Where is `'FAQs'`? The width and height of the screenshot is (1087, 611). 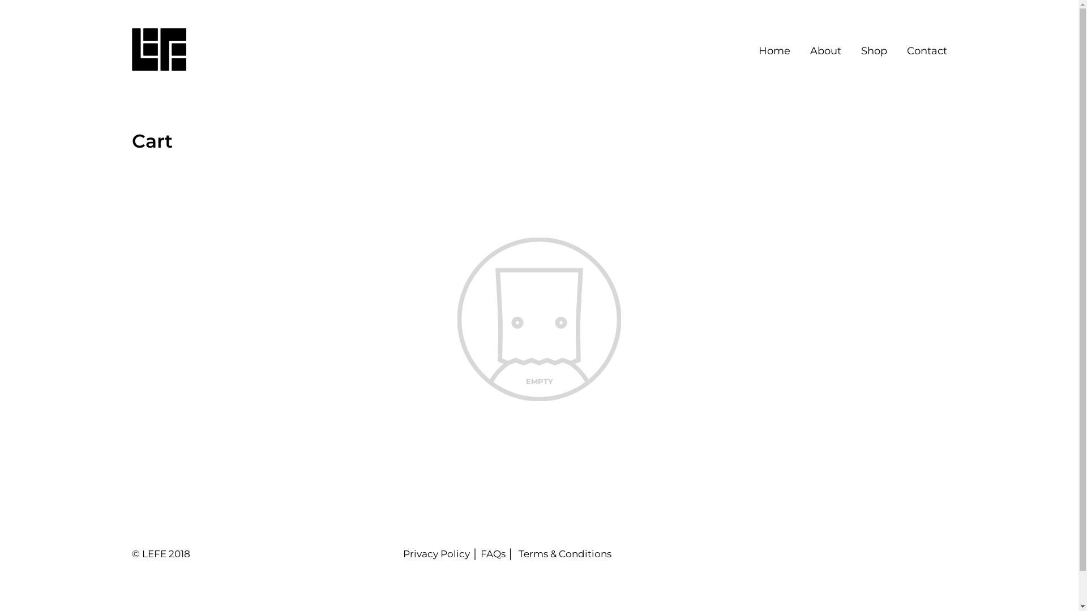 'FAQs' is located at coordinates (481, 553).